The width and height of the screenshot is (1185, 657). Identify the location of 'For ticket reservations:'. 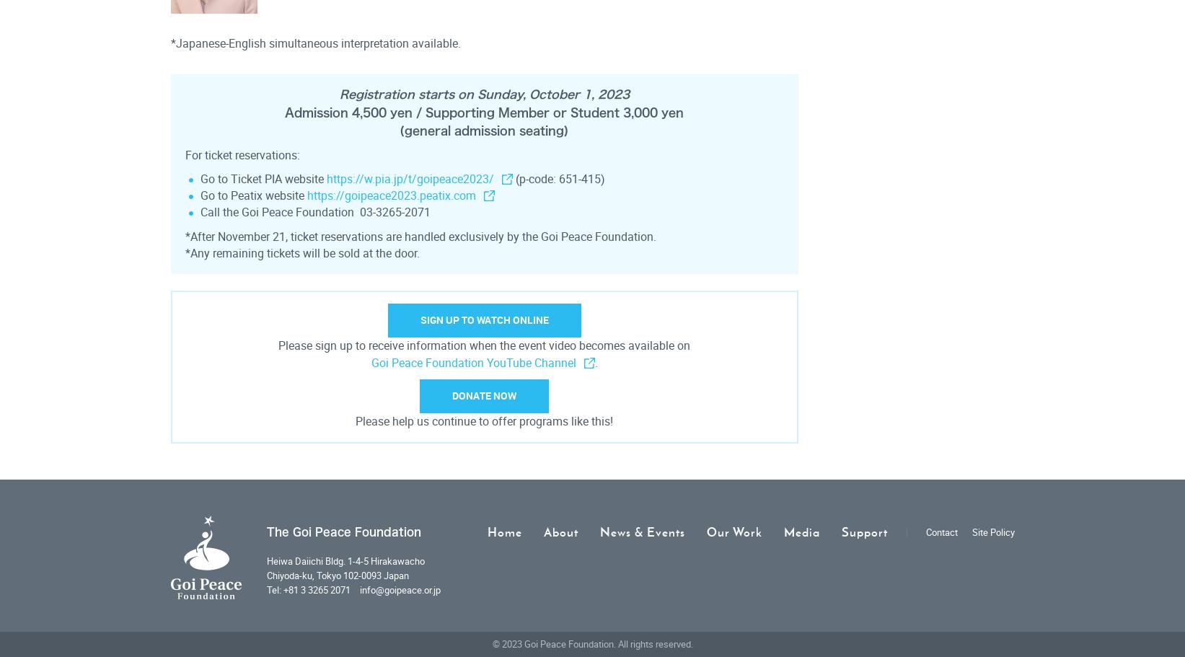
(241, 155).